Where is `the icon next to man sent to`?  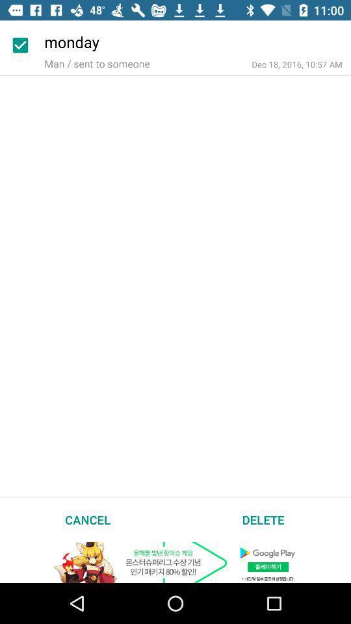
the icon next to man sent to is located at coordinates (297, 64).